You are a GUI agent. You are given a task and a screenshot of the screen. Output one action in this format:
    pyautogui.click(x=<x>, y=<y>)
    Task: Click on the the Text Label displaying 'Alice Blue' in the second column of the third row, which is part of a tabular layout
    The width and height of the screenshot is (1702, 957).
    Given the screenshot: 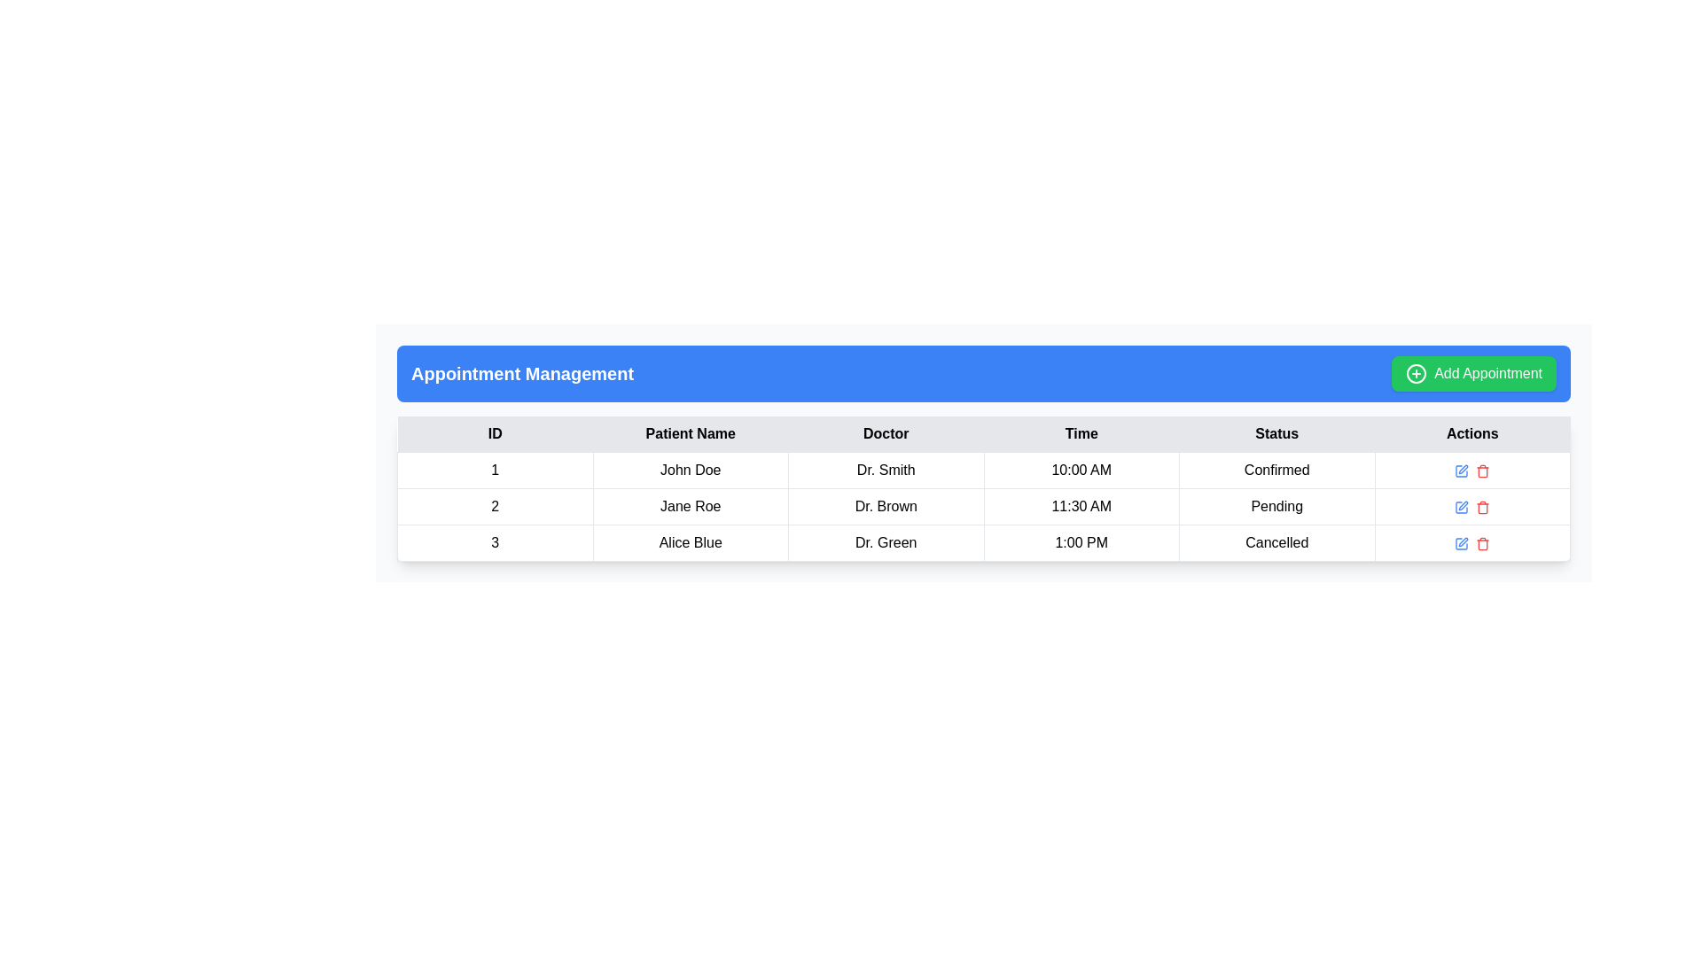 What is the action you would take?
    pyautogui.click(x=690, y=542)
    